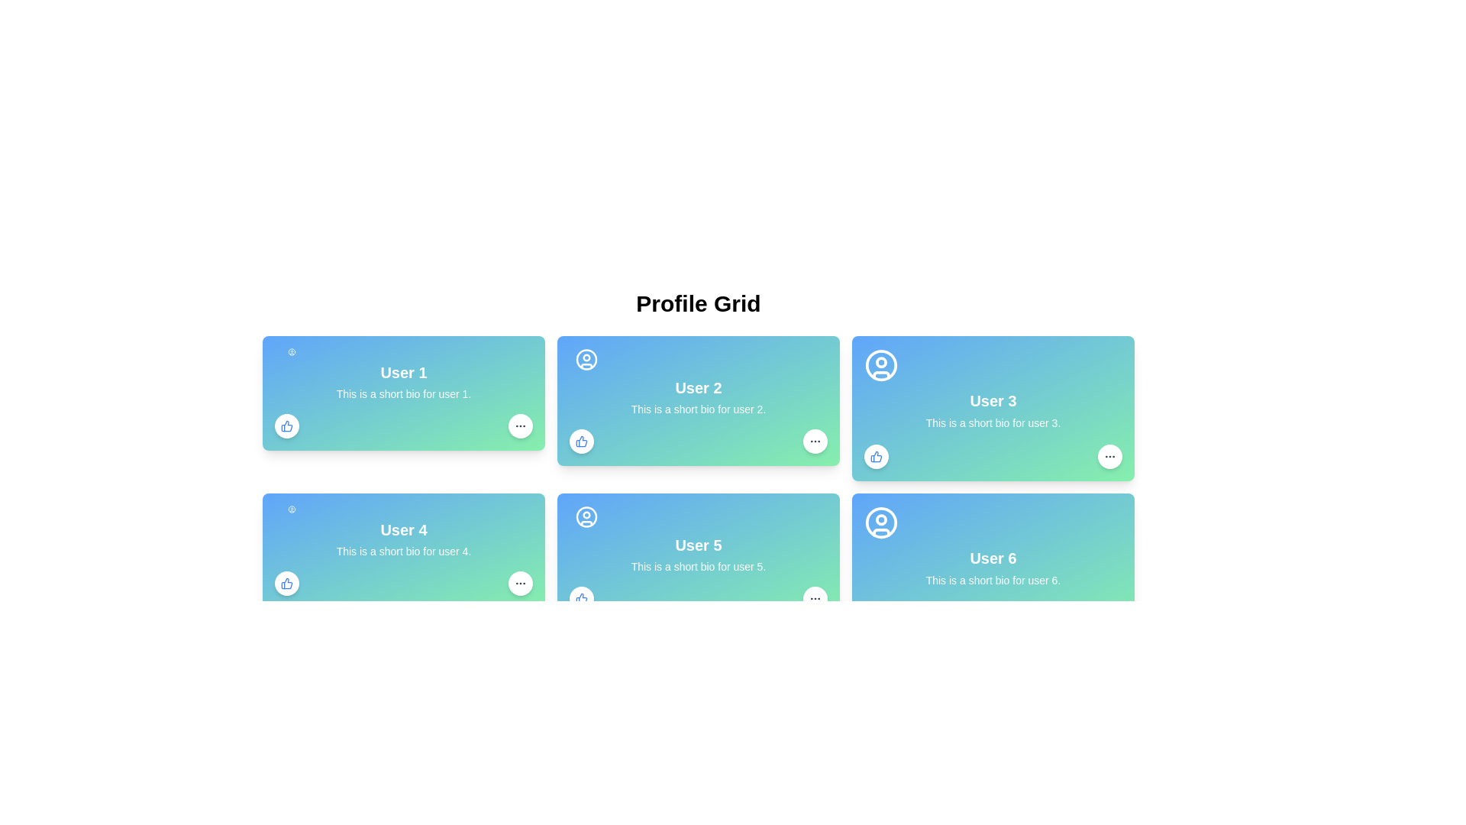 The height and width of the screenshot is (825, 1466). I want to click on the user profile icon for 'User 5', which is centrally aligned in the header section of the user profile card, so click(586, 516).